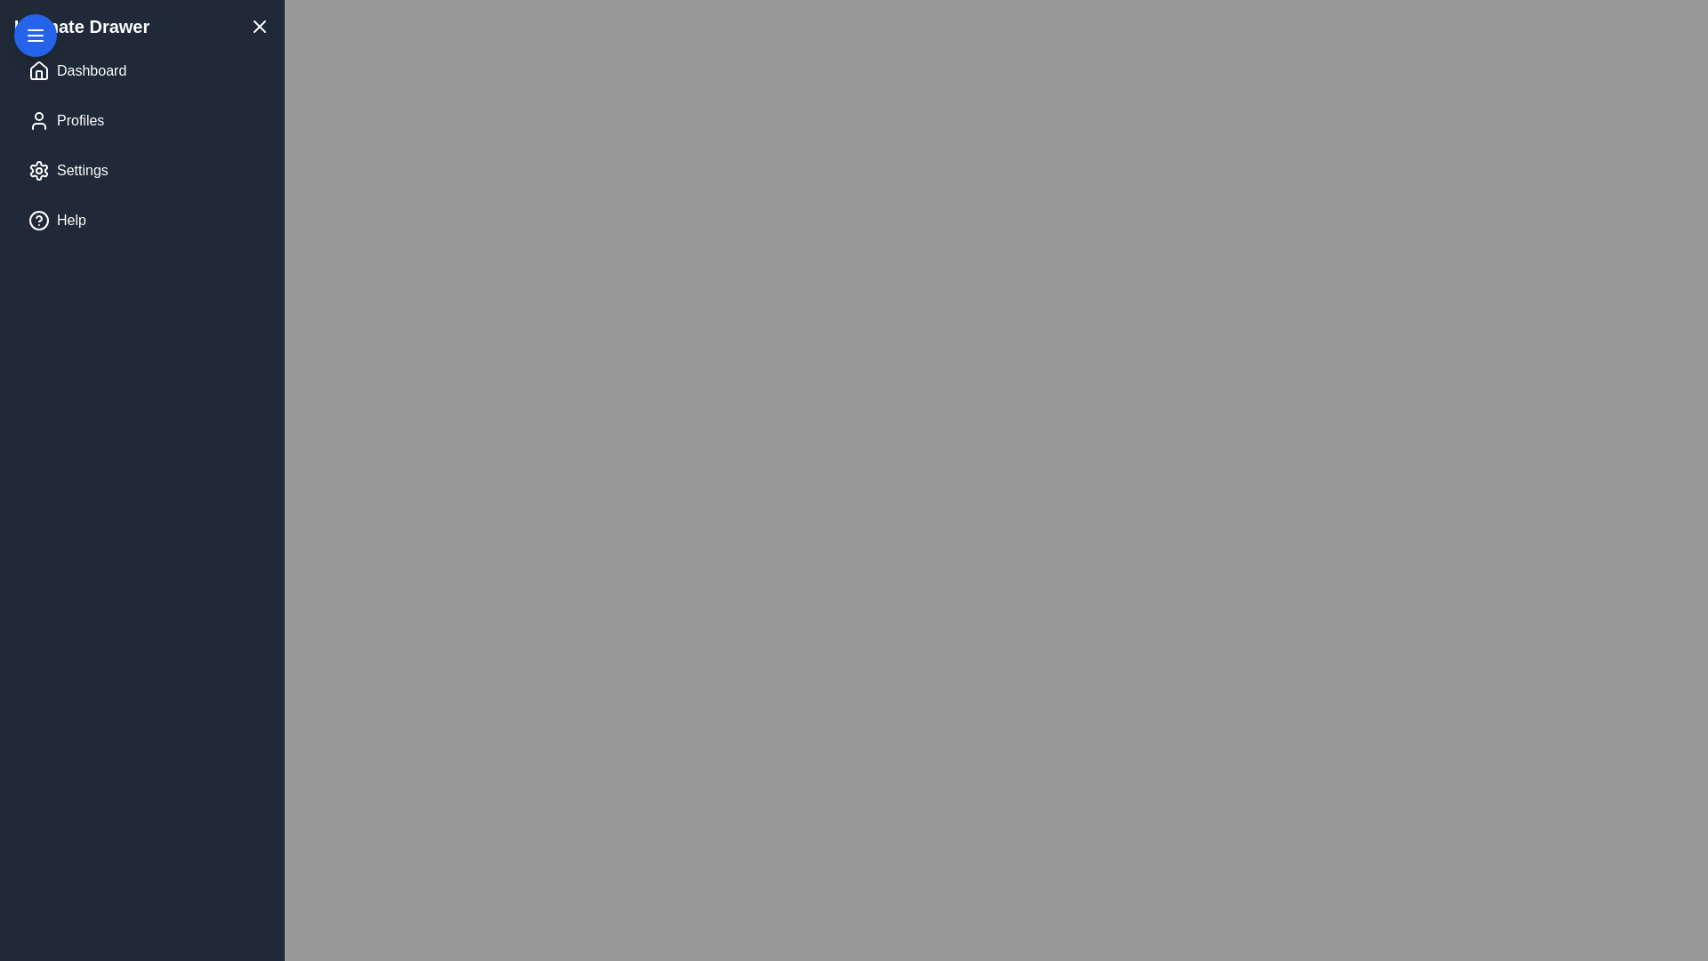 The height and width of the screenshot is (961, 1708). Describe the element at coordinates (38, 120) in the screenshot. I see `the user profile SVG icon located to the left of the text 'Profiles' in the sidebar menu, which is the second item in the list` at that location.